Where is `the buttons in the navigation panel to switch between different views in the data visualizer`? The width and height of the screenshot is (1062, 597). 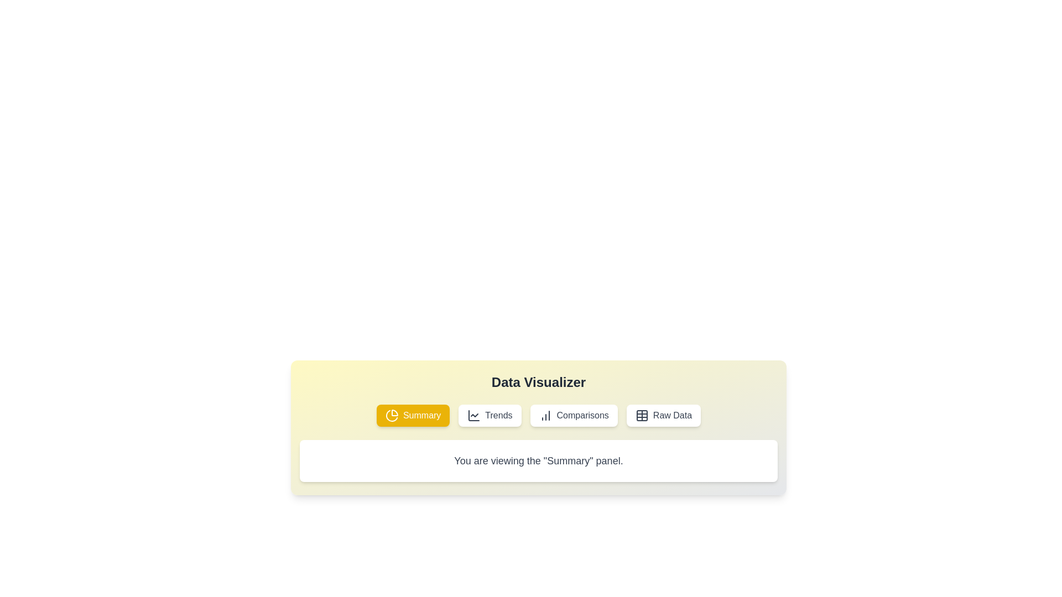
the buttons in the navigation panel to switch between different views in the data visualizer is located at coordinates (539, 427).